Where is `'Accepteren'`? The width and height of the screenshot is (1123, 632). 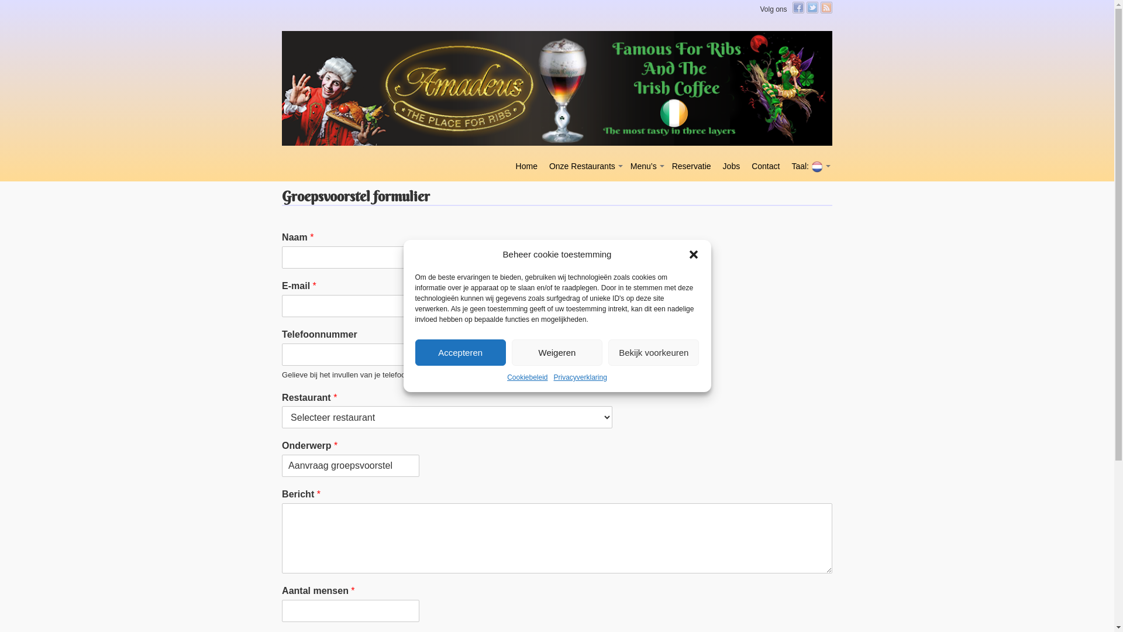
'Accepteren' is located at coordinates (415, 352).